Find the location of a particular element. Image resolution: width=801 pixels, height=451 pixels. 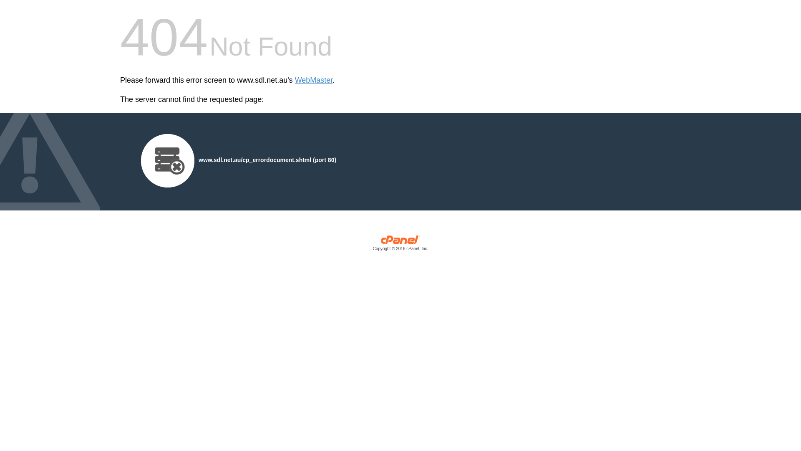

'WebMaster' is located at coordinates (313, 80).